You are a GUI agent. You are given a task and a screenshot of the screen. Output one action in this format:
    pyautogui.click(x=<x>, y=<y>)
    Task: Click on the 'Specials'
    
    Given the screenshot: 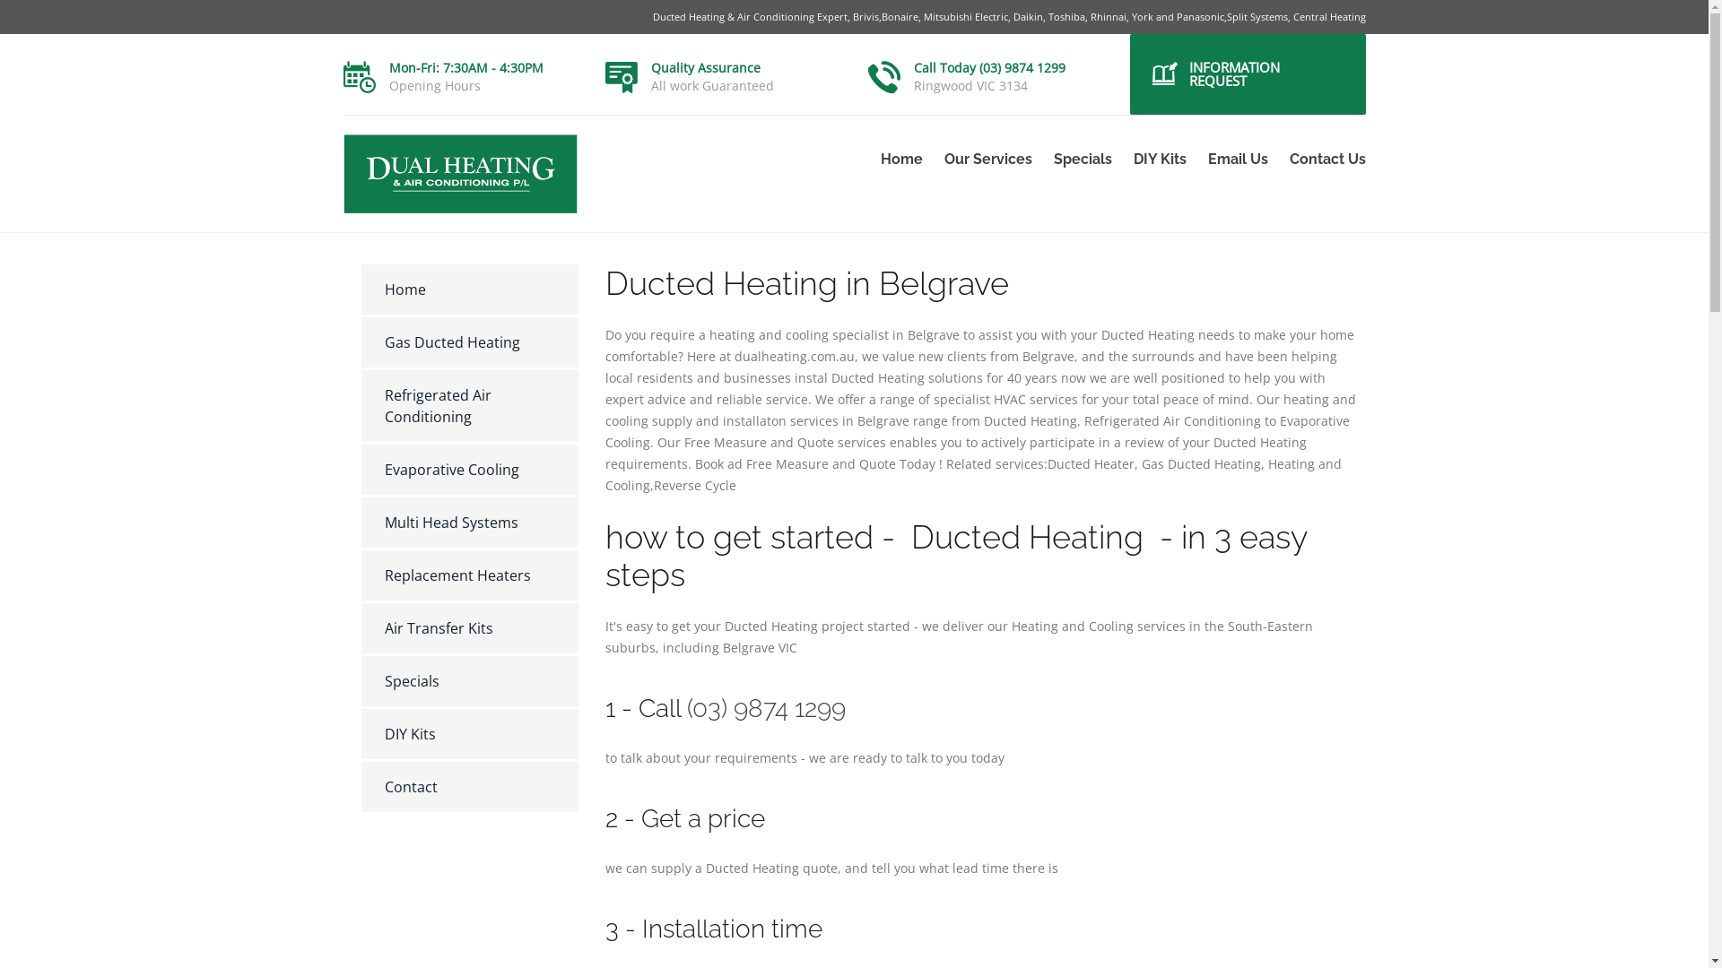 What is the action you would take?
    pyautogui.click(x=360, y=680)
    